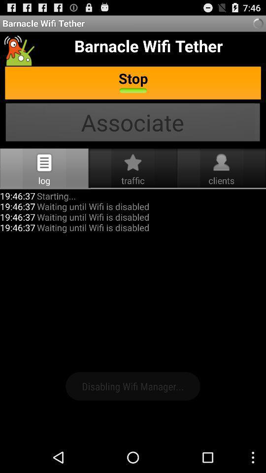  Describe the element at coordinates (19, 50) in the screenshot. I see `the icon which is just below the barnacle wifi tether` at that location.